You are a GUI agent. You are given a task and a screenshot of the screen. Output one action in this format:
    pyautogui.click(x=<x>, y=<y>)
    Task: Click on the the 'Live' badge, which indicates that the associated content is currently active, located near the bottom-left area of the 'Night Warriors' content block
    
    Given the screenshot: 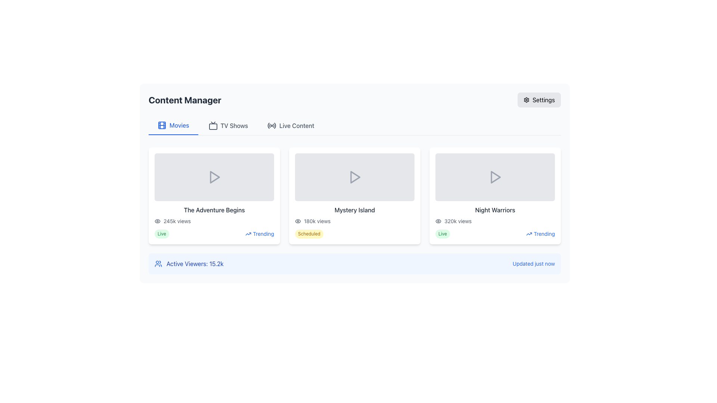 What is the action you would take?
    pyautogui.click(x=443, y=234)
    